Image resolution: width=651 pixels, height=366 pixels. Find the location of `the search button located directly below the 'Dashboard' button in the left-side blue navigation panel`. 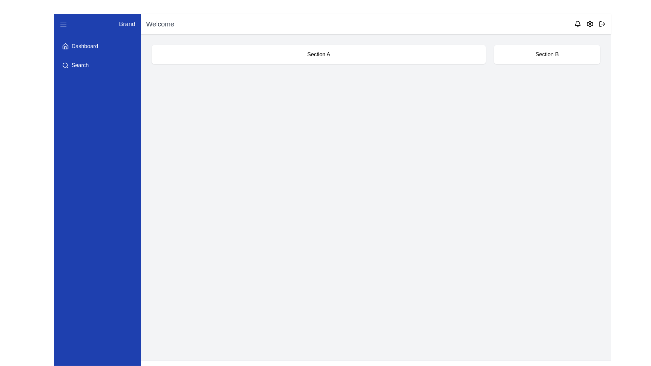

the search button located directly below the 'Dashboard' button in the left-side blue navigation panel is located at coordinates (97, 65).